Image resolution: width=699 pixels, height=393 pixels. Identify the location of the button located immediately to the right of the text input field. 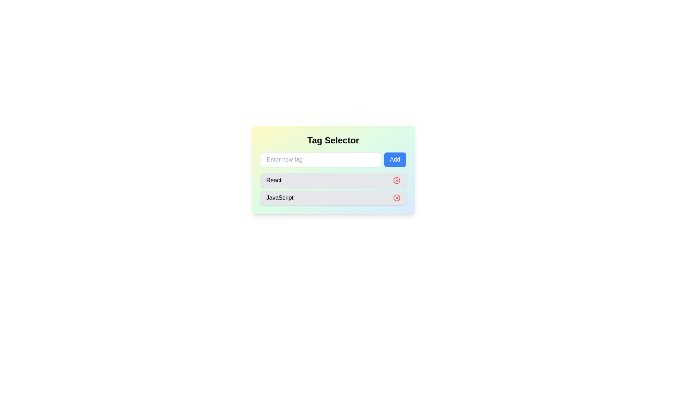
(395, 159).